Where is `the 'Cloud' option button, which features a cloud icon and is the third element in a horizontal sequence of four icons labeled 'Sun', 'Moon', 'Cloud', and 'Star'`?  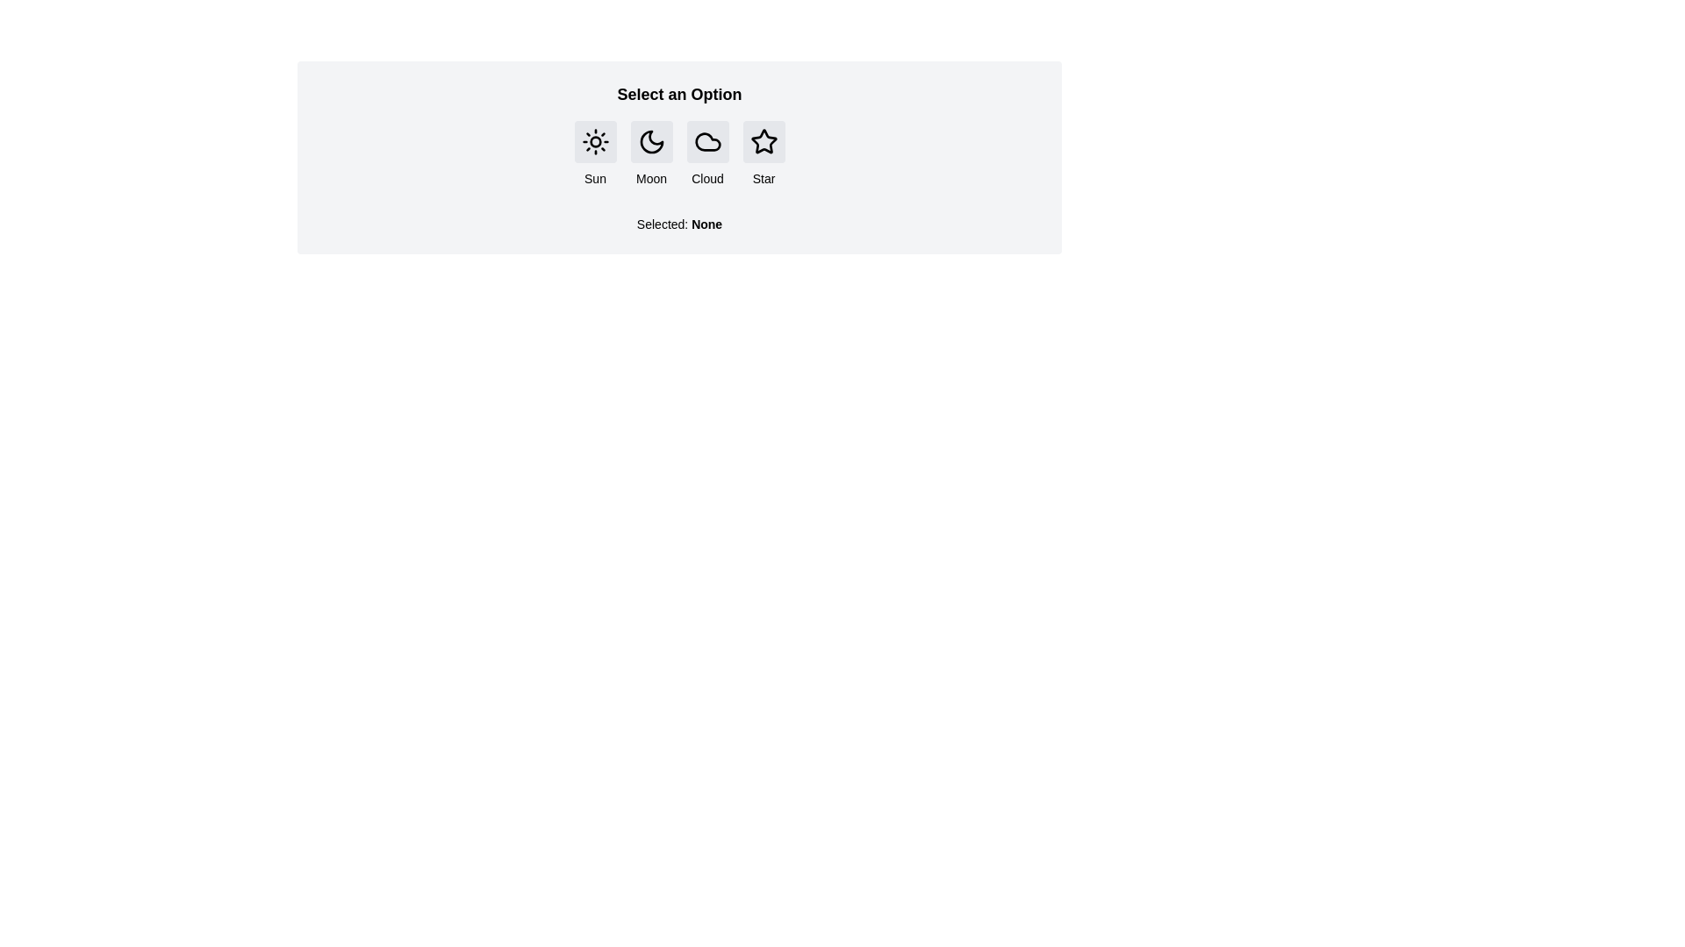
the 'Cloud' option button, which features a cloud icon and is the third element in a horizontal sequence of four icons labeled 'Sun', 'Moon', 'Cloud', and 'Star' is located at coordinates (707, 153).